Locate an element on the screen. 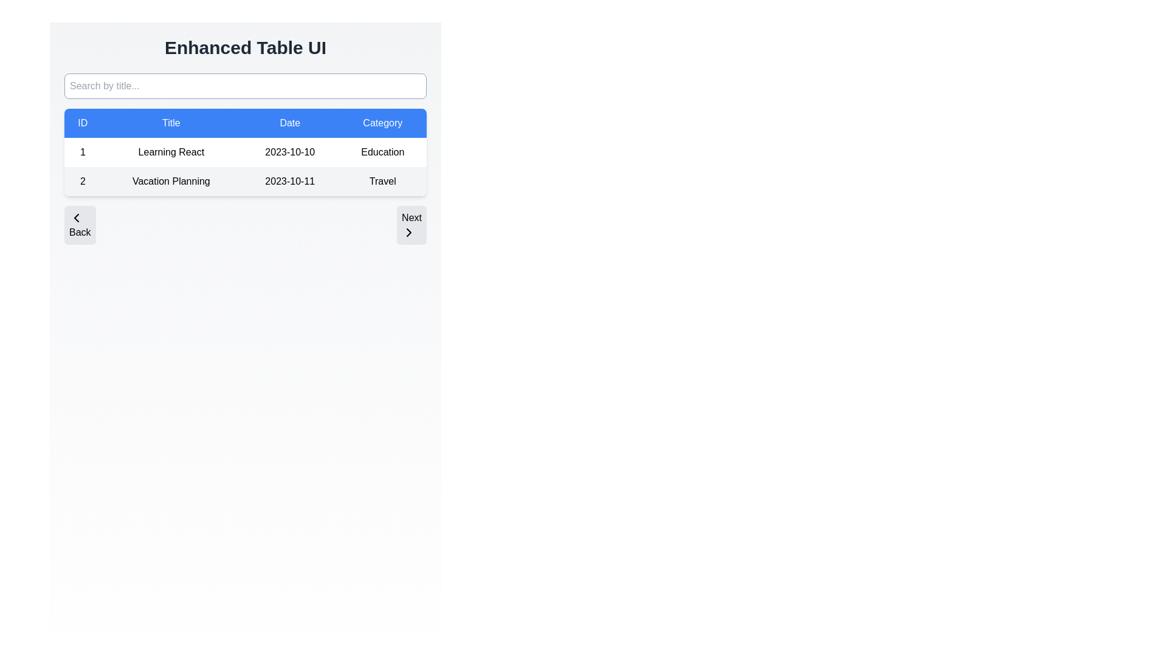 This screenshot has height=656, width=1167. the small arrow-shaped navigation icon within the 'Next' button located in the bottom-right section of the interface is located at coordinates (409, 232).